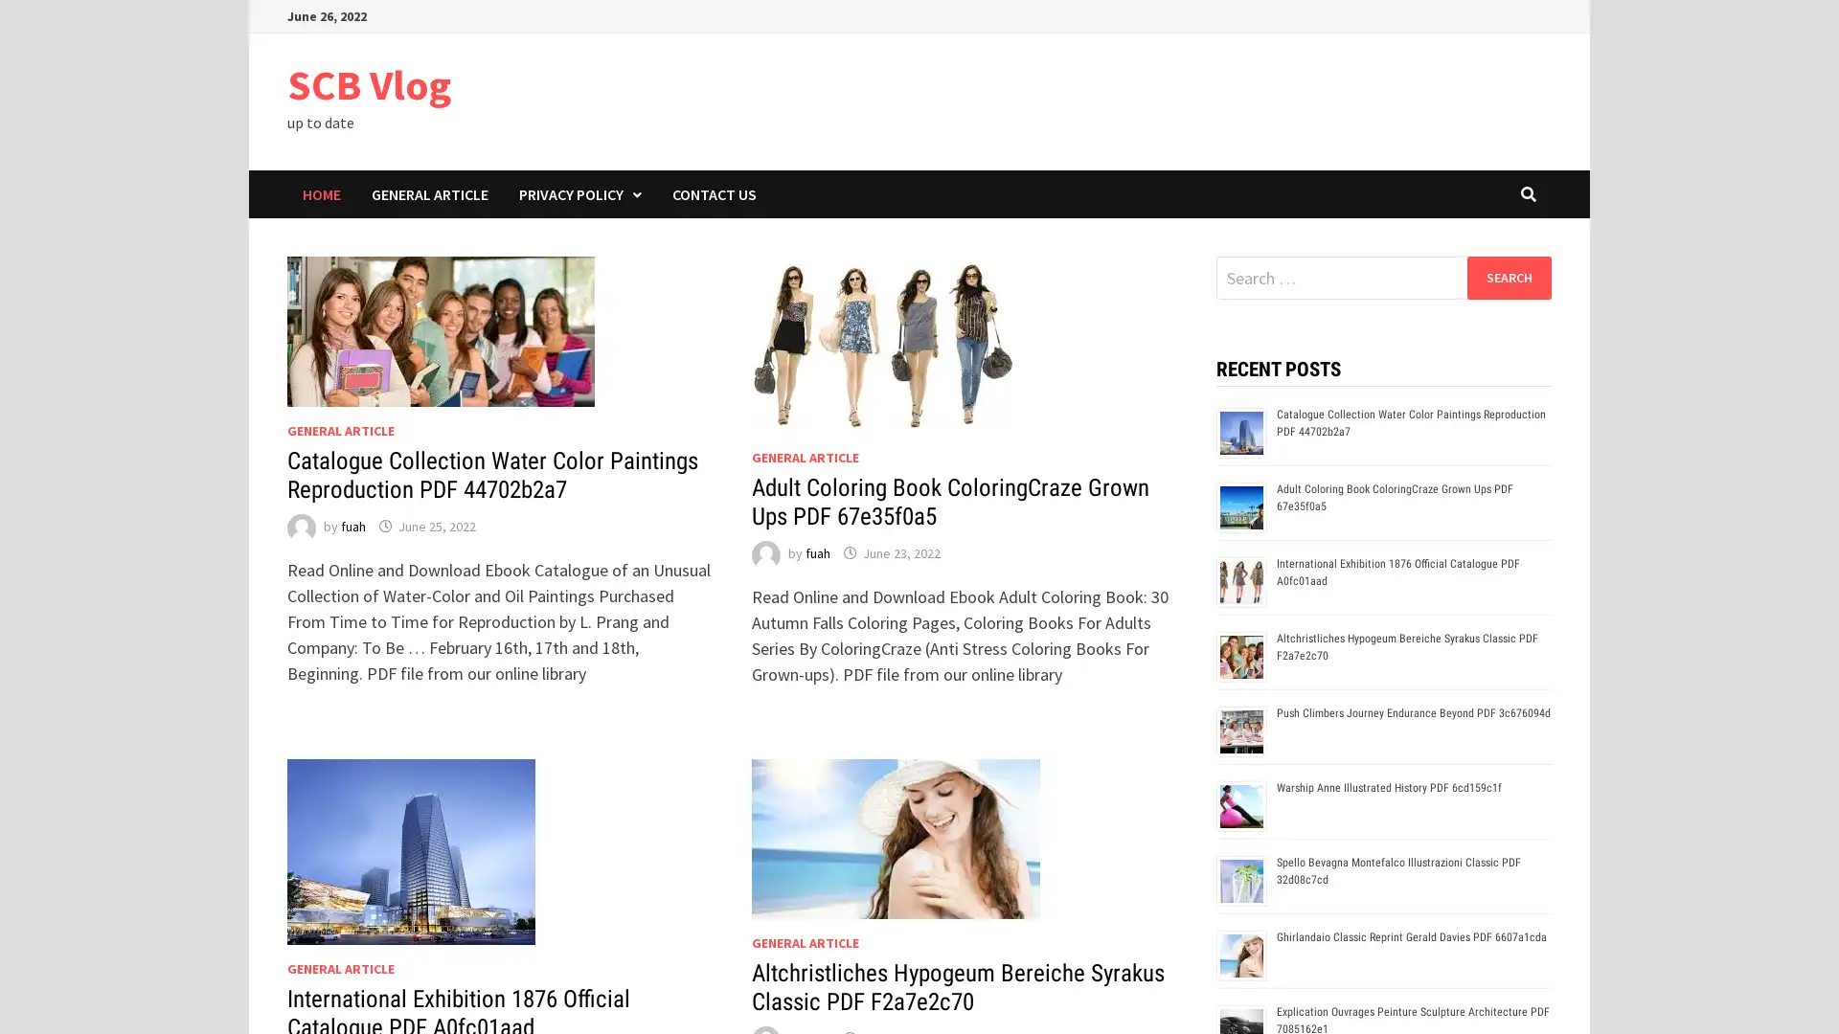 The width and height of the screenshot is (1839, 1034). I want to click on Search, so click(1508, 277).